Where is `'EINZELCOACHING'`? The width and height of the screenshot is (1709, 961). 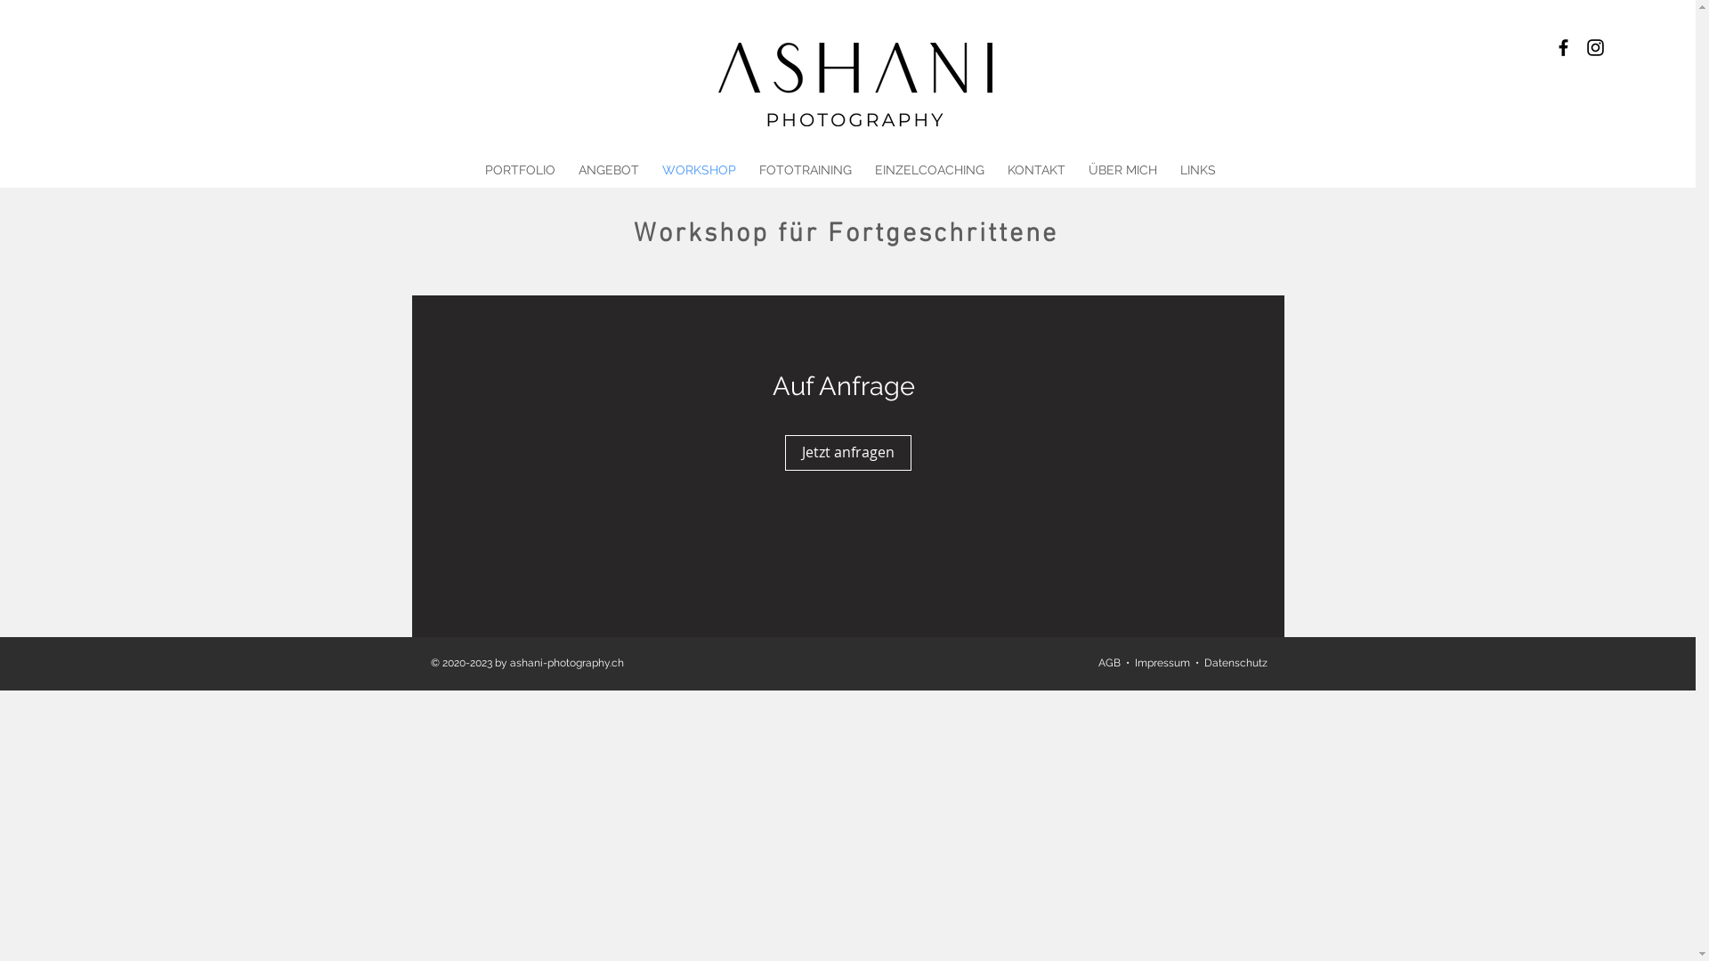 'EINZELCOACHING' is located at coordinates (928, 170).